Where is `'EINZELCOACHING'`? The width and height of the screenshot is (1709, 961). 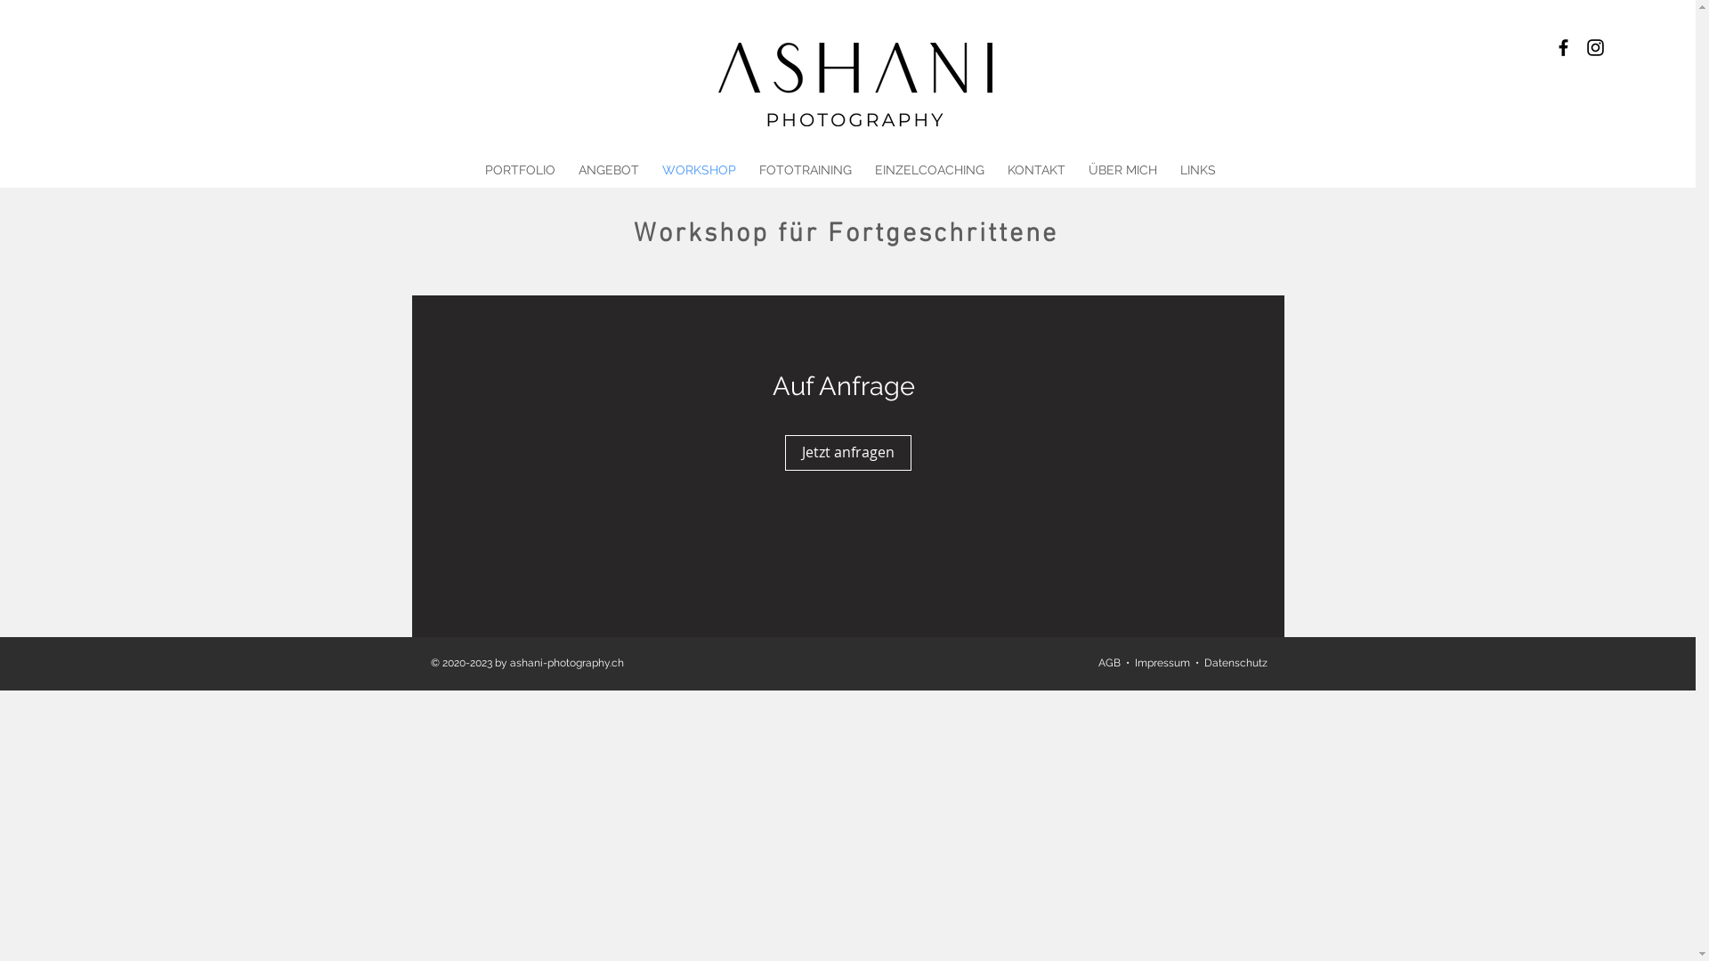 'EINZELCOACHING' is located at coordinates (928, 170).